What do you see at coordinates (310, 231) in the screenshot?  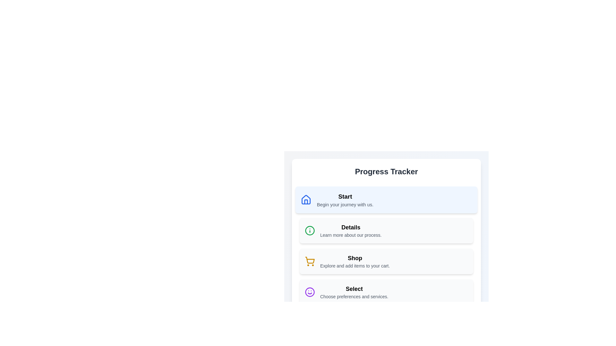 I see `the green circular graphical element that is part of the 'Details' section in the vertical list of steps` at bounding box center [310, 231].